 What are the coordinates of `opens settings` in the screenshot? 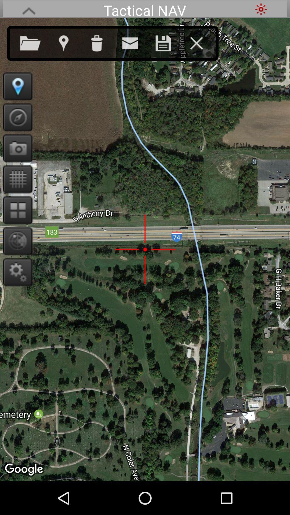 It's located at (16, 272).